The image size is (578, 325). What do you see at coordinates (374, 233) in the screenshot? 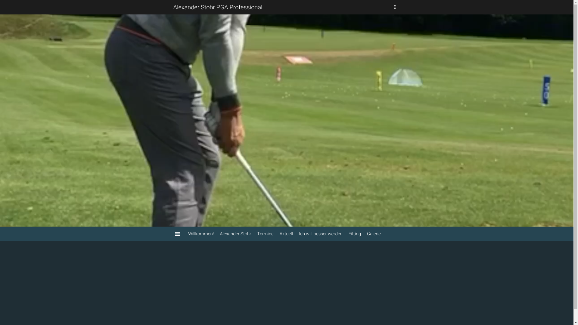
I see `'Galerie'` at bounding box center [374, 233].